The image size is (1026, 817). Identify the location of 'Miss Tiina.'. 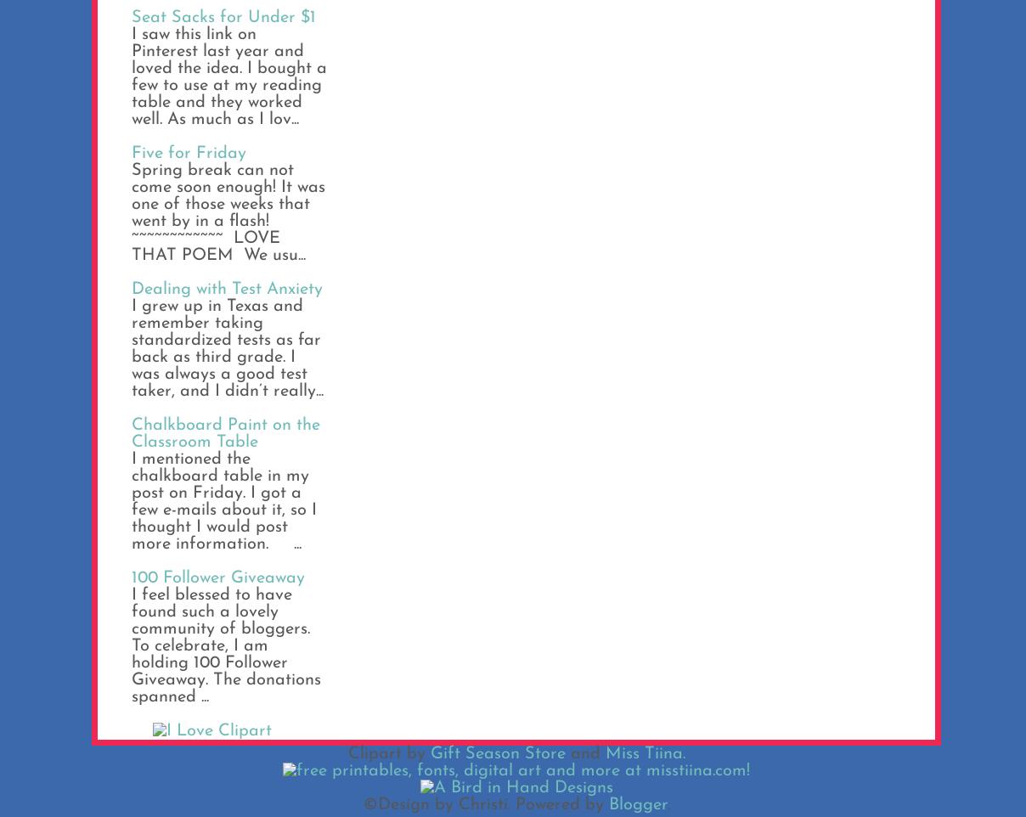
(603, 753).